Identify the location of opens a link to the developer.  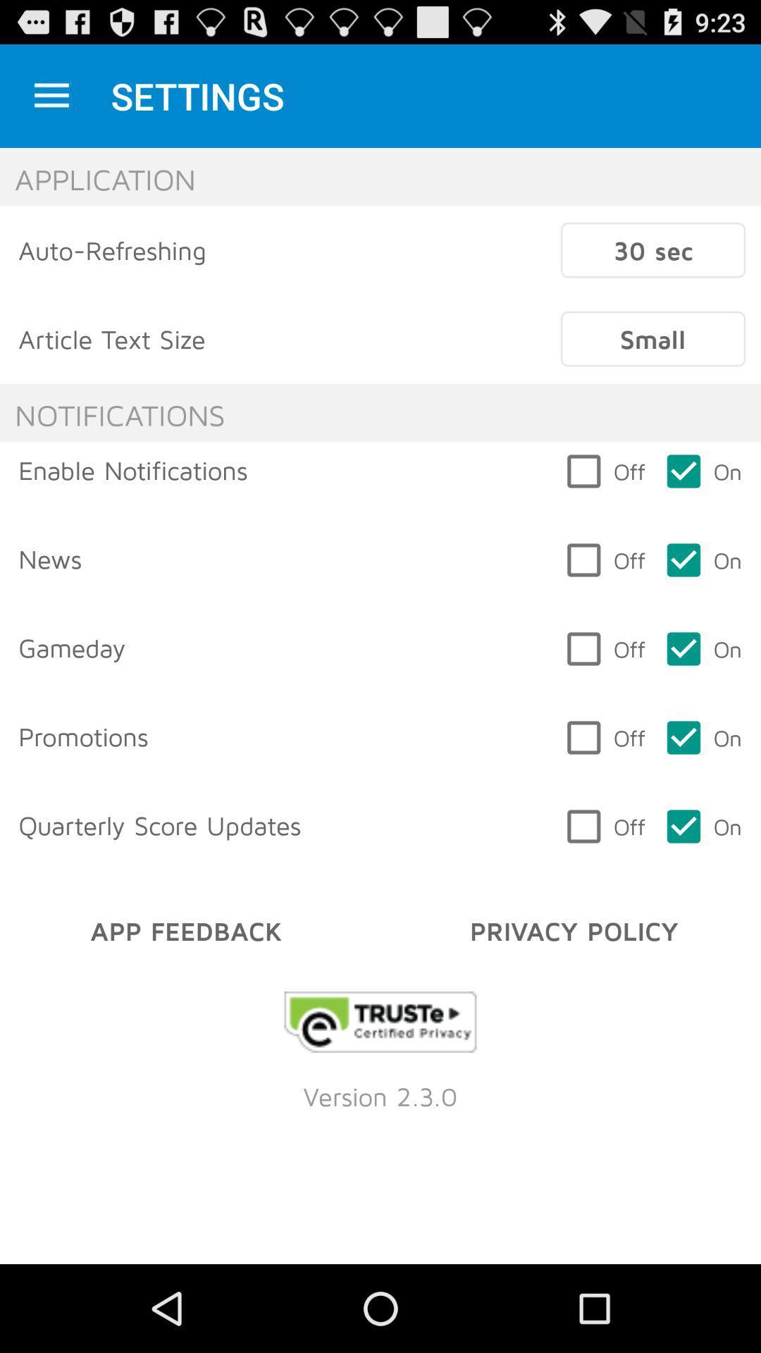
(380, 1022).